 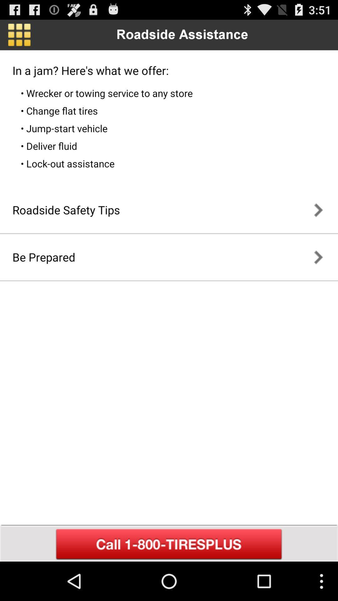 I want to click on roadside safety tips app, so click(x=66, y=210).